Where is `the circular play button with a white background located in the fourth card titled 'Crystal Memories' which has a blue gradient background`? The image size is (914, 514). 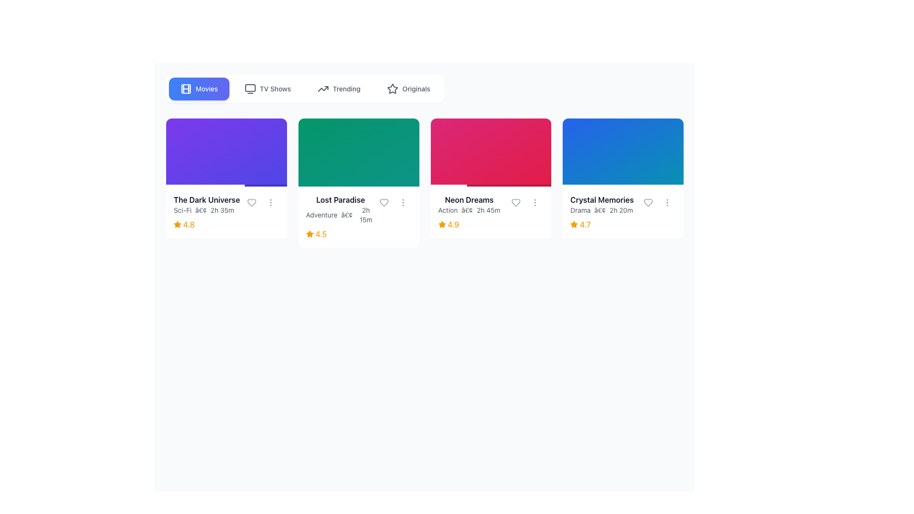
the circular play button with a white background located in the fourth card titled 'Crystal Memories' which has a blue gradient background is located at coordinates (623, 152).